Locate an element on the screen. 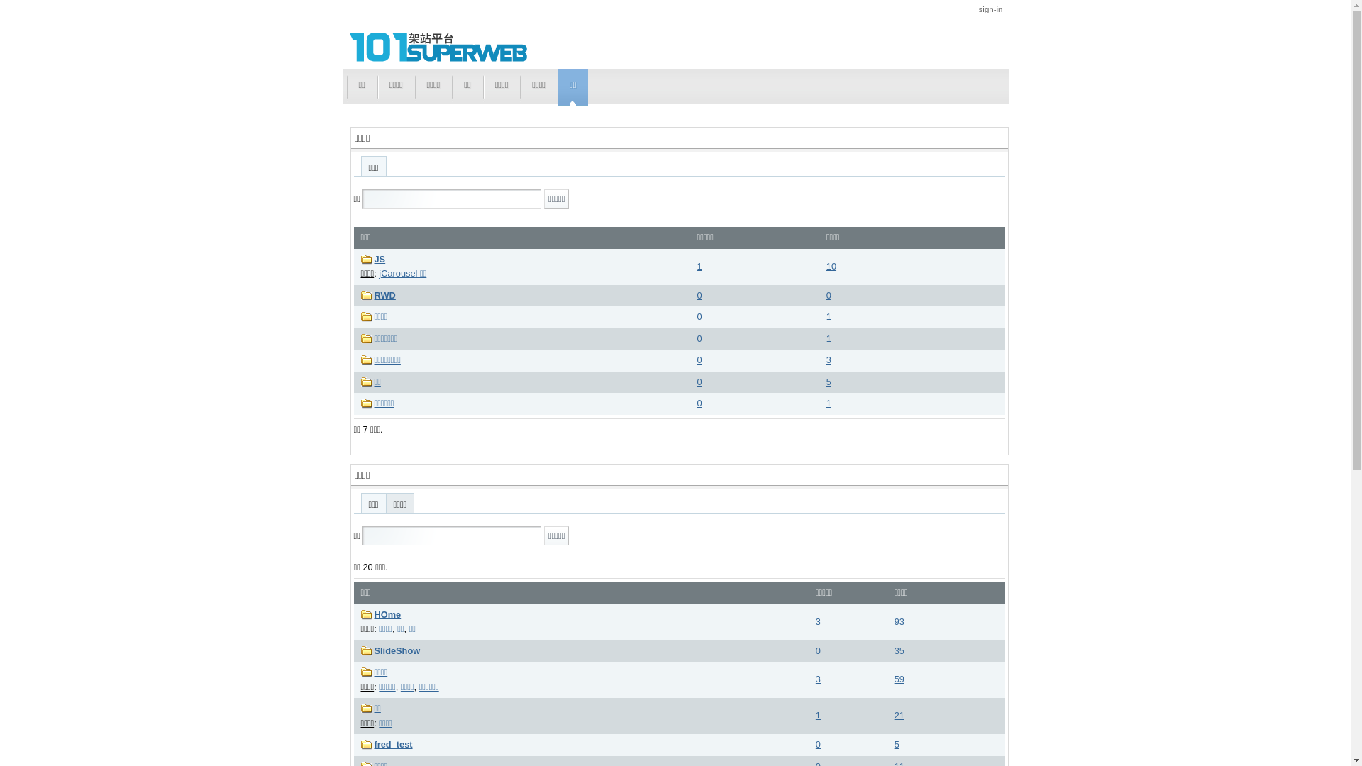 This screenshot has width=1362, height=766. '10' is located at coordinates (831, 266).